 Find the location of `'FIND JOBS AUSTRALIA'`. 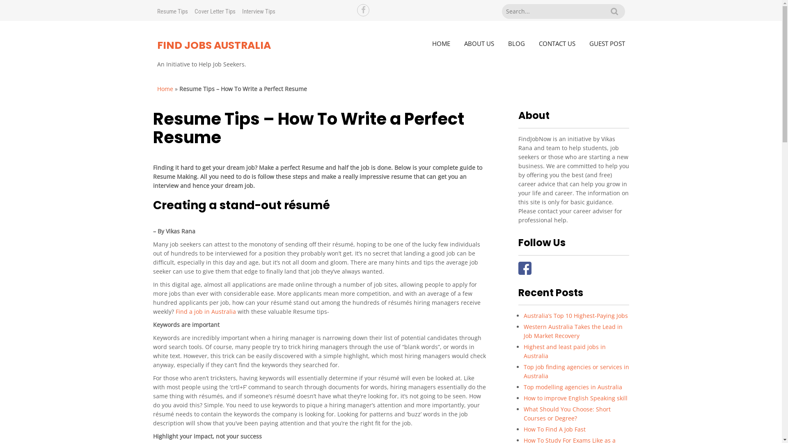

'FIND JOBS AUSTRALIA' is located at coordinates (157, 45).